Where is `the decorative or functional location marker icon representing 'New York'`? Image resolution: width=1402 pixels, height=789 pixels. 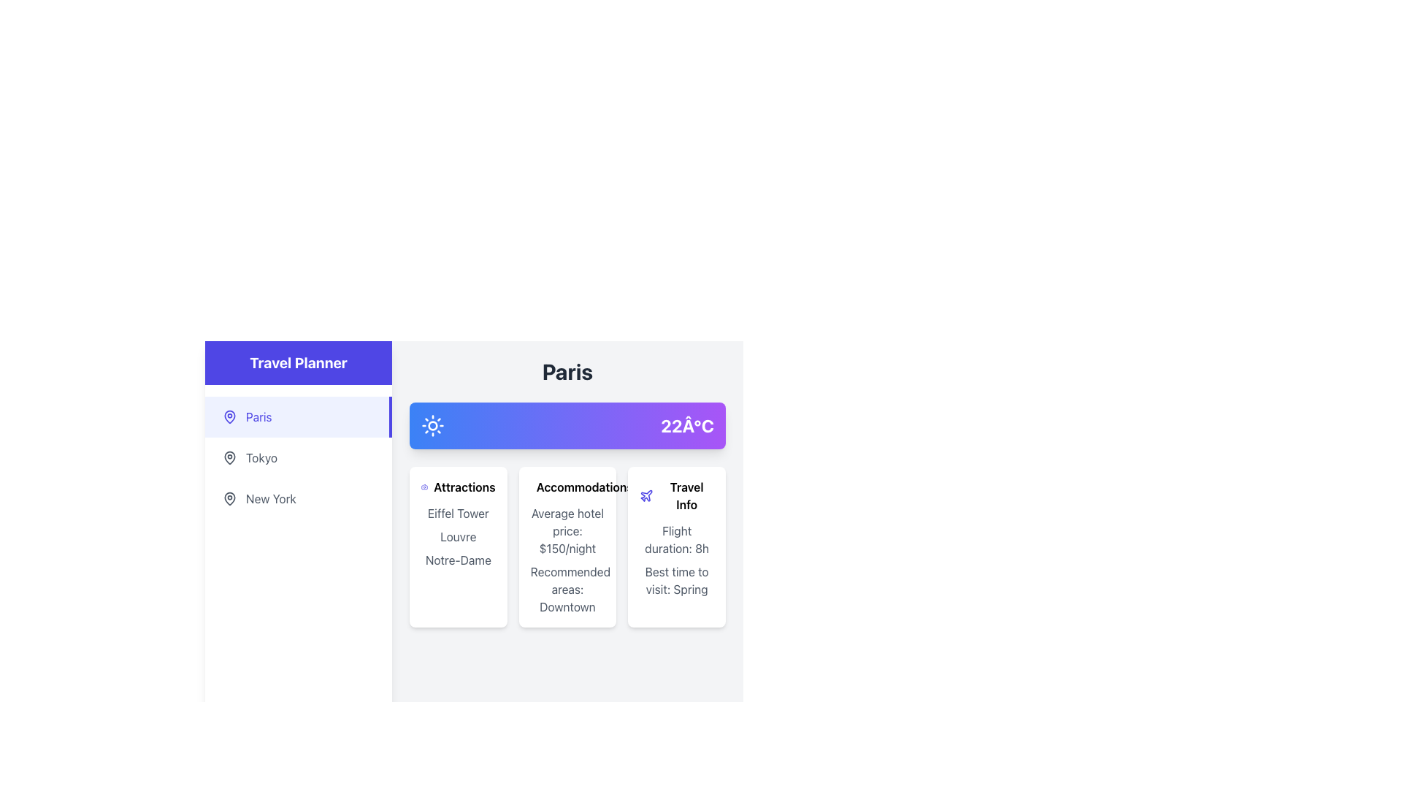 the decorative or functional location marker icon representing 'New York' is located at coordinates (229, 498).